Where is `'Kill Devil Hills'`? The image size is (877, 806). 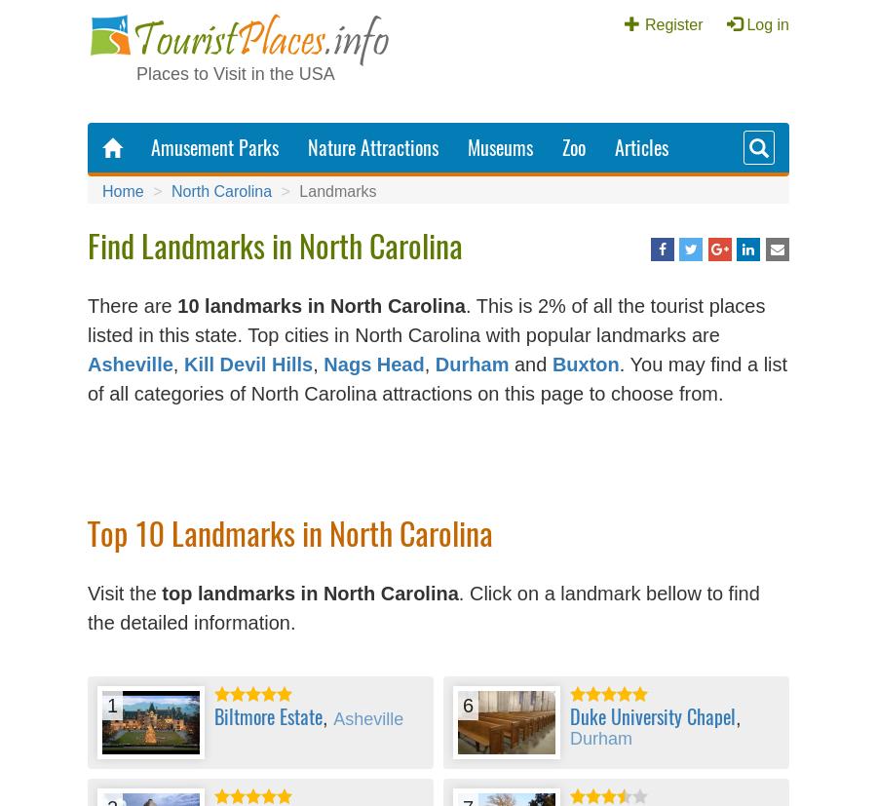
'Kill Devil Hills' is located at coordinates (247, 363).